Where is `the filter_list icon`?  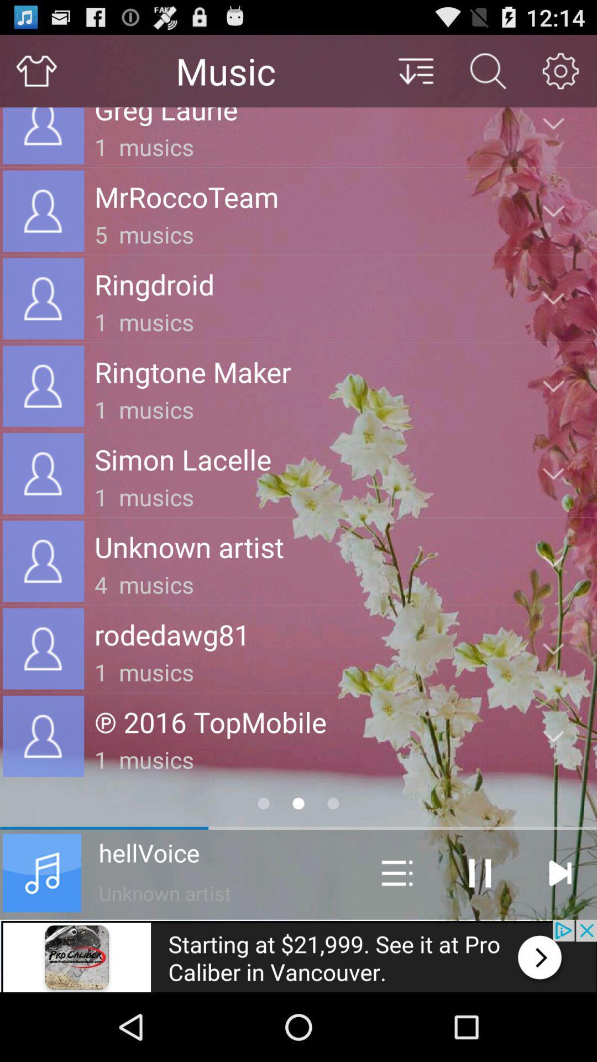
the filter_list icon is located at coordinates (415, 75).